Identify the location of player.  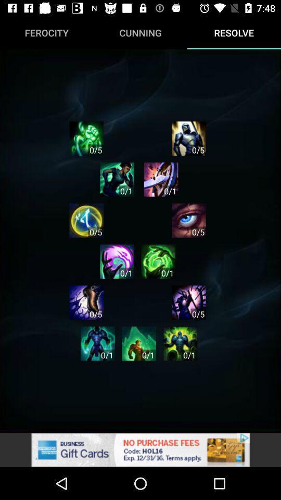
(161, 179).